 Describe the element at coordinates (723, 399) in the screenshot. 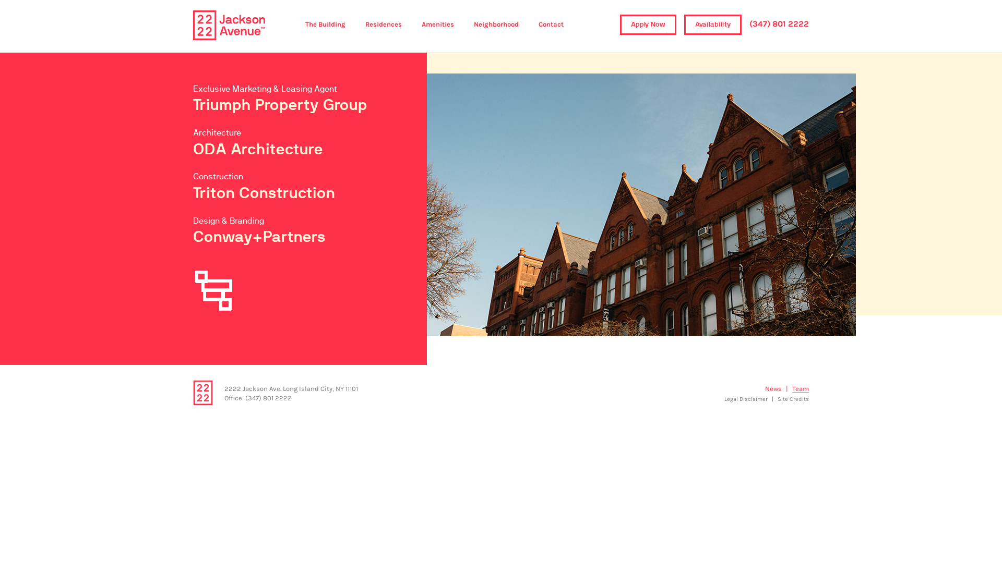

I see `'Legal Disclaimer'` at that location.